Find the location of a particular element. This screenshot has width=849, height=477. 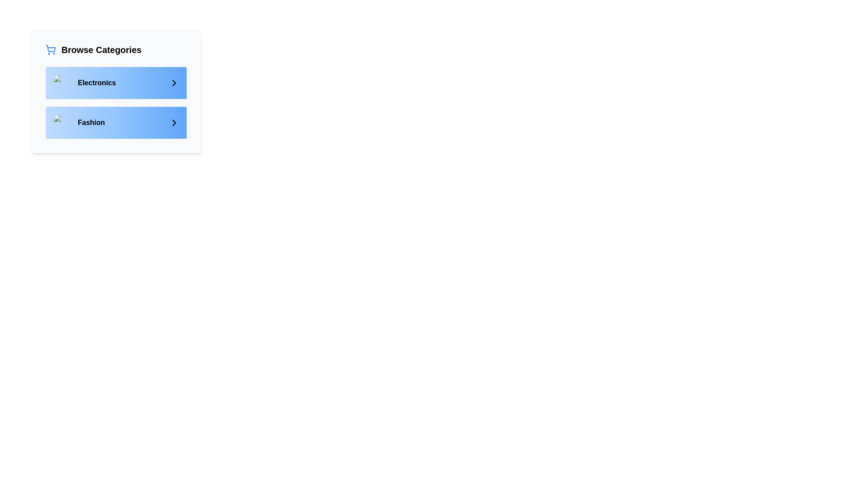

the 'Electronics' text label which is displayed in bold black font on the left side of a blue-shaded rectangular area, part of the category browsing interface is located at coordinates (97, 83).